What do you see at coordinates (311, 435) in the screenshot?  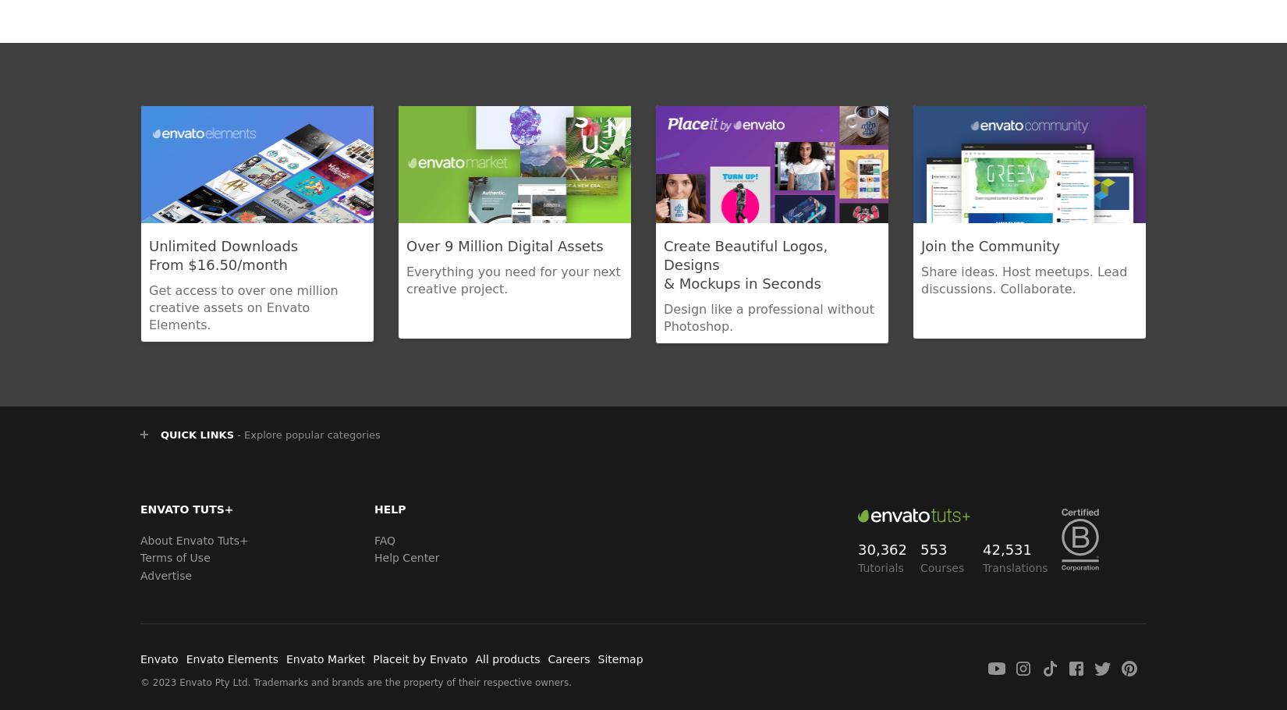 I see `'Explore popular categories'` at bounding box center [311, 435].